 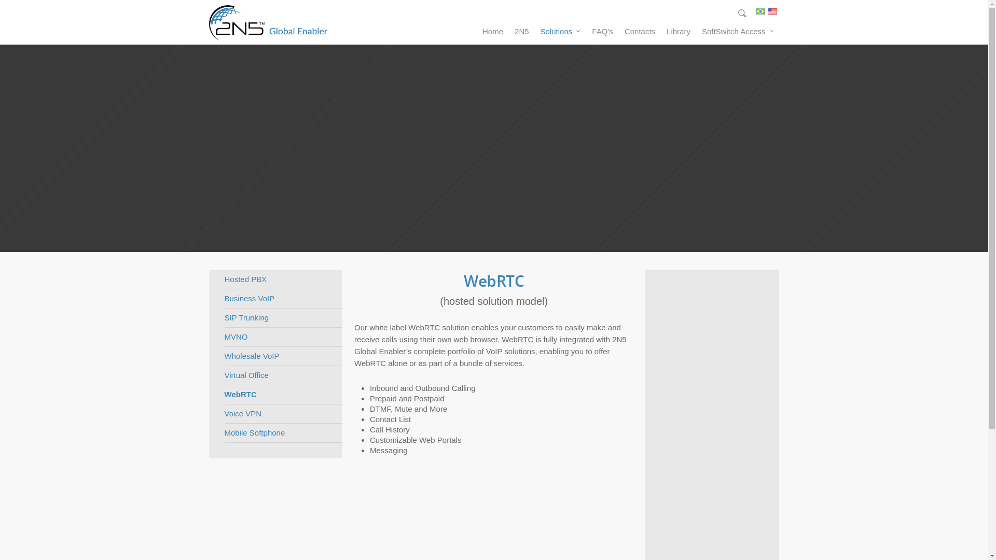 I want to click on 'Solutions', so click(x=560, y=33).